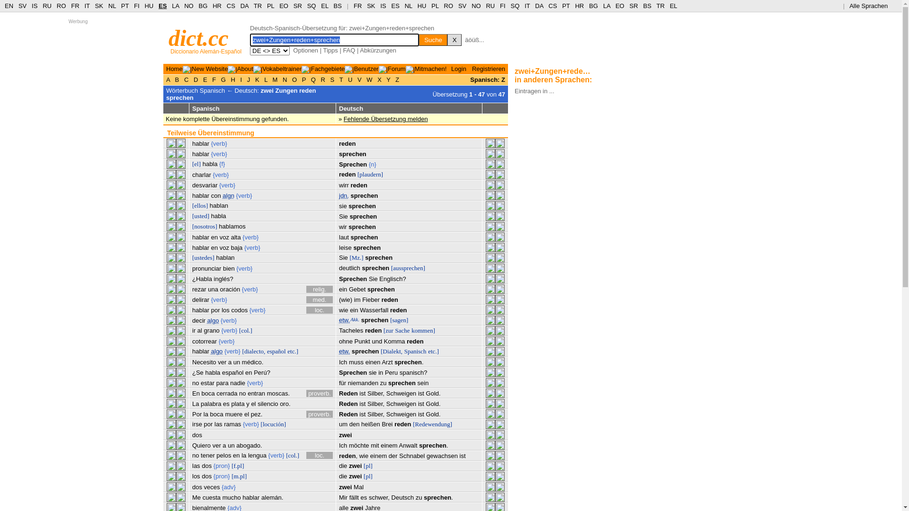 This screenshot has width=909, height=511. I want to click on 'en', so click(232, 455).